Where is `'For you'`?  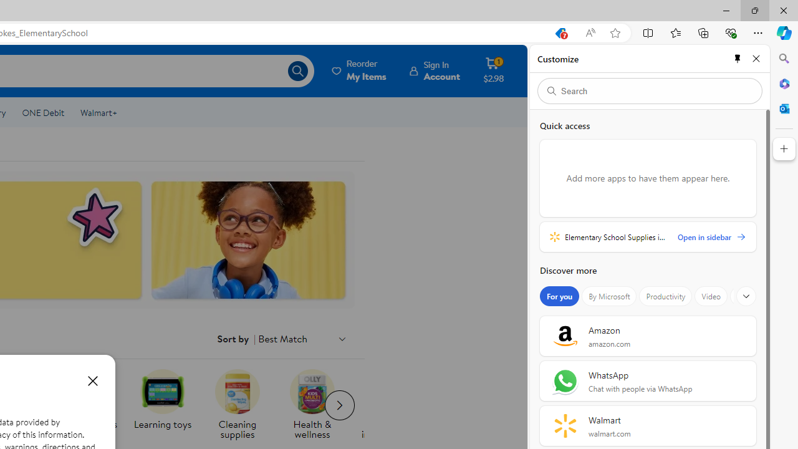 'For you' is located at coordinates (559, 296).